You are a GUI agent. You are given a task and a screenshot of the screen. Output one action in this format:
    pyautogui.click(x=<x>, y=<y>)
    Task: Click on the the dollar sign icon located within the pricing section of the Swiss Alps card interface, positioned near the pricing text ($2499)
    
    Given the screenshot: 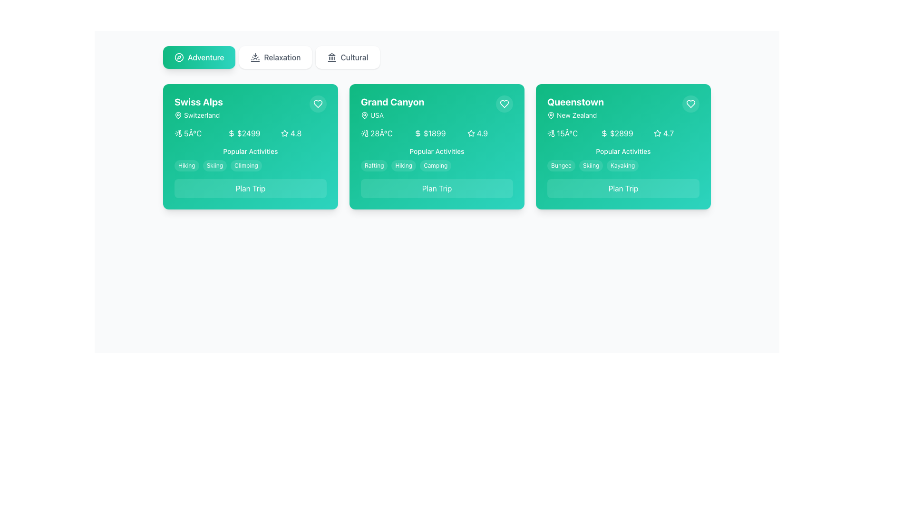 What is the action you would take?
    pyautogui.click(x=231, y=133)
    